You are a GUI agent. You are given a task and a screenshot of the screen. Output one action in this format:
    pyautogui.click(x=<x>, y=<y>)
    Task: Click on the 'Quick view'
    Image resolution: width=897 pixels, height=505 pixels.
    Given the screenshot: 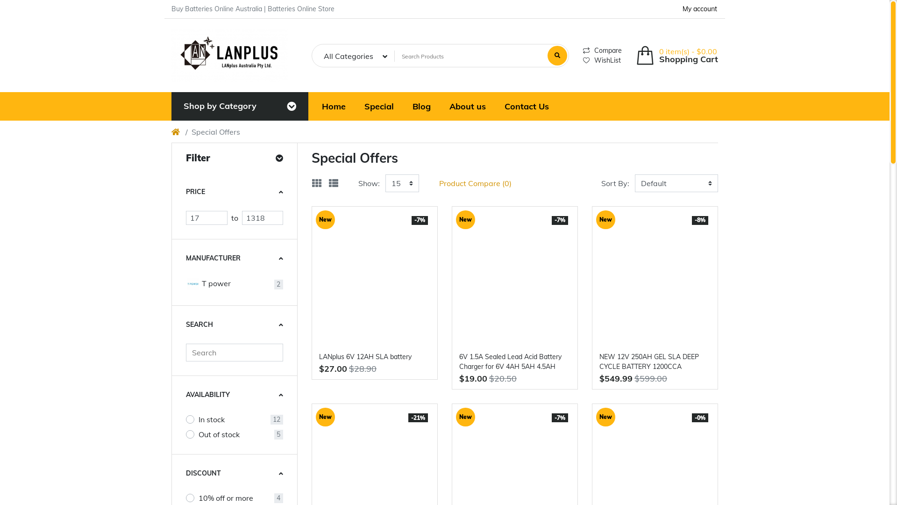 What is the action you would take?
    pyautogui.click(x=385, y=395)
    